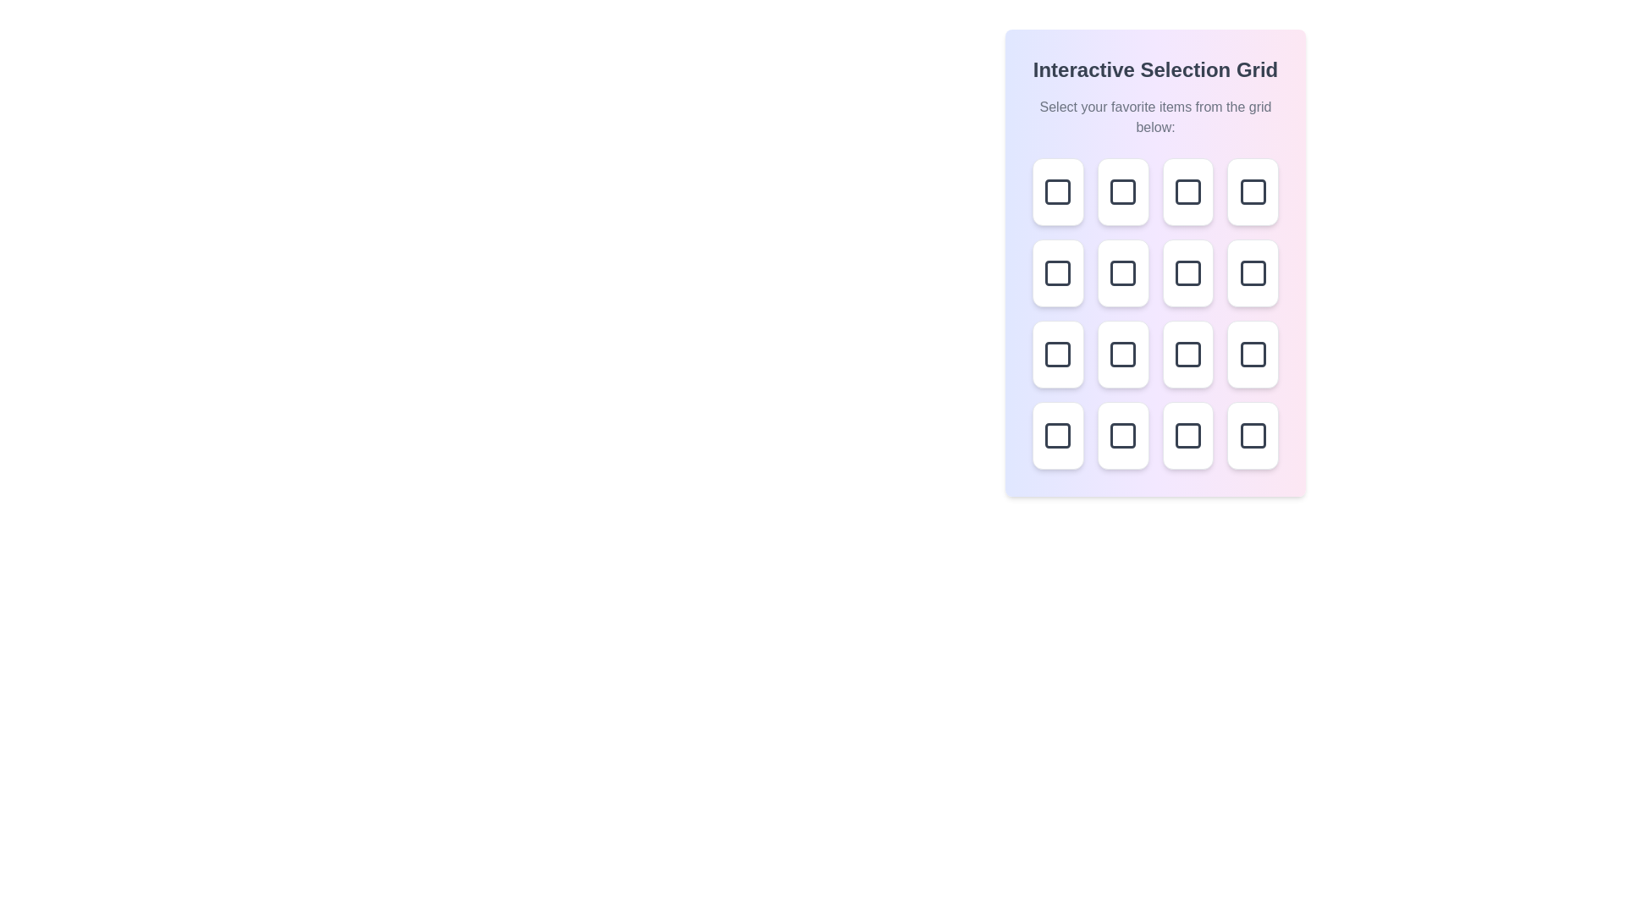 This screenshot has height=914, width=1625. Describe the element at coordinates (1122, 354) in the screenshot. I see `the selectable grid option located` at that location.